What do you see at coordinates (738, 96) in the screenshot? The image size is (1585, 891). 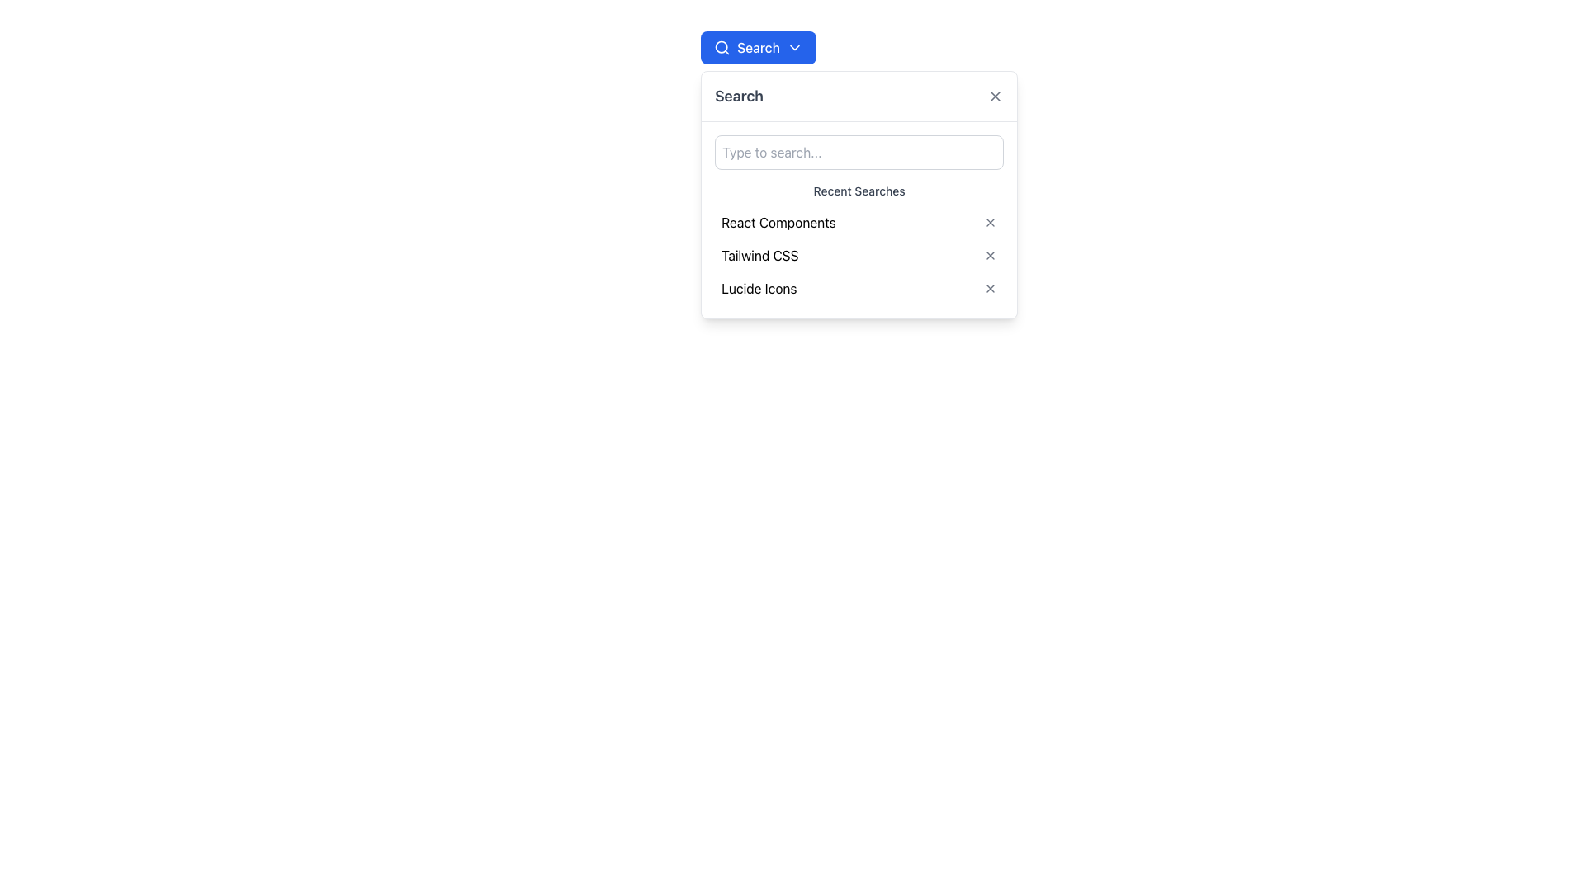 I see `the text label reading 'Search', which is a large, bold, dark gray title located at the top section of the dropdown panel` at bounding box center [738, 96].